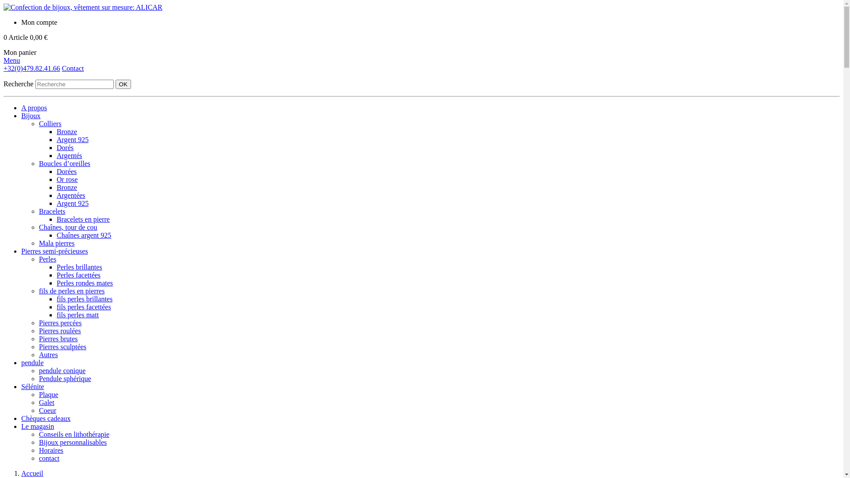  What do you see at coordinates (48, 354) in the screenshot?
I see `'Autres'` at bounding box center [48, 354].